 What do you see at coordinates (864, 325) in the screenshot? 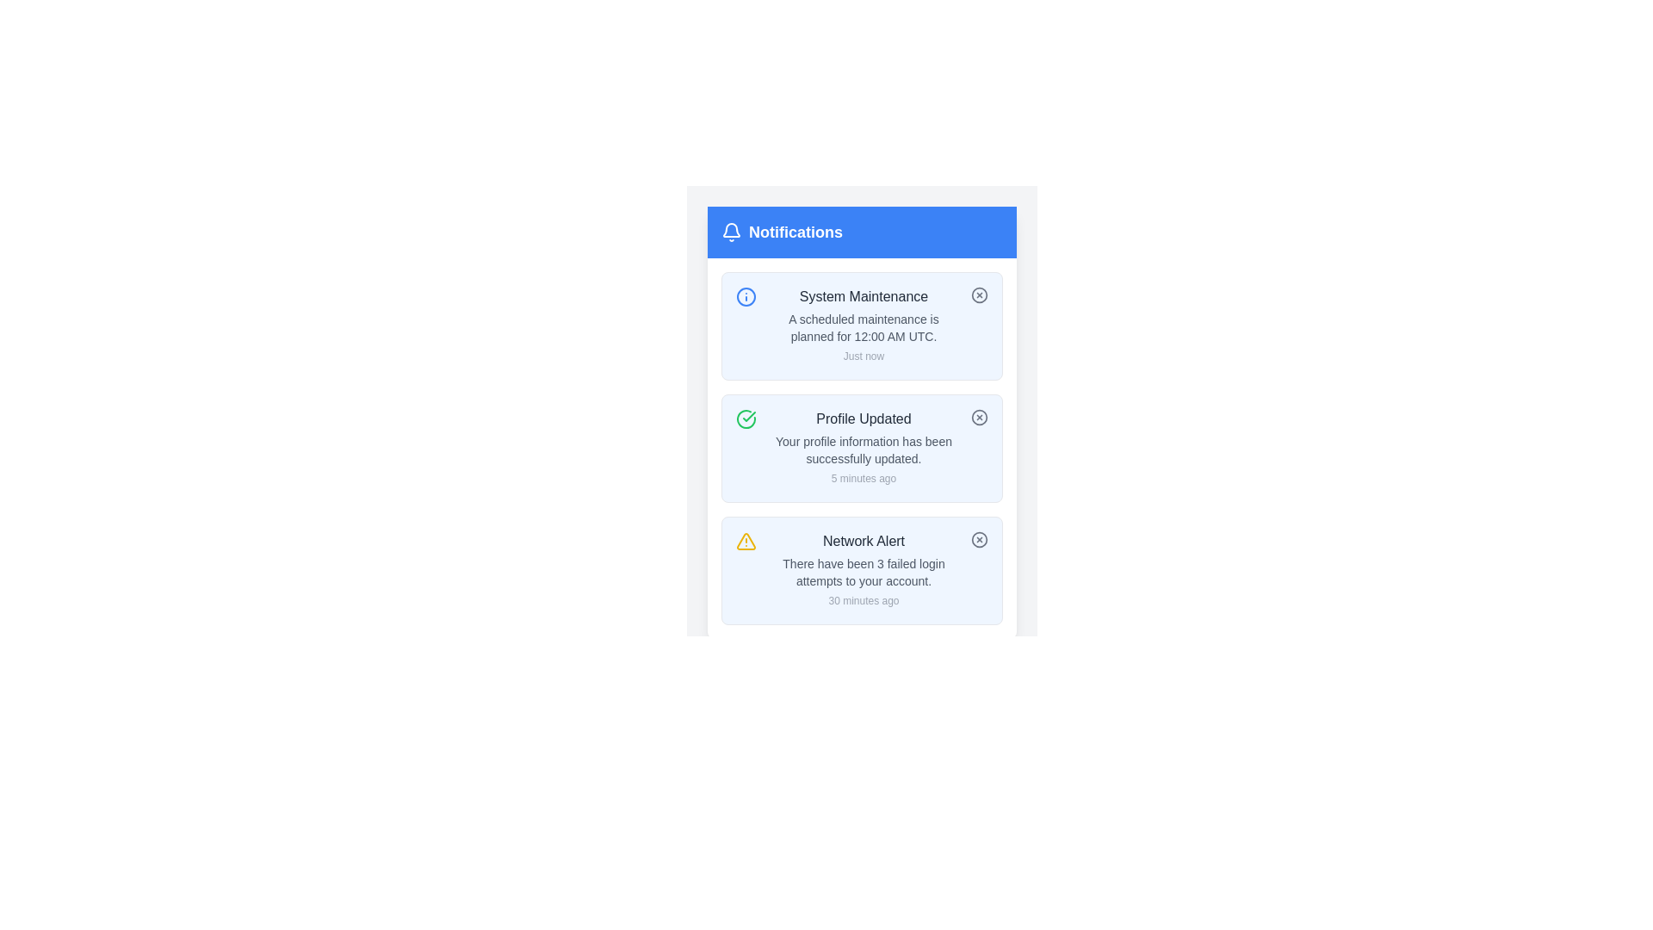
I see `details of the first notification in the vertical stack, which displays a maintenance alert and includes a timestamp` at bounding box center [864, 325].